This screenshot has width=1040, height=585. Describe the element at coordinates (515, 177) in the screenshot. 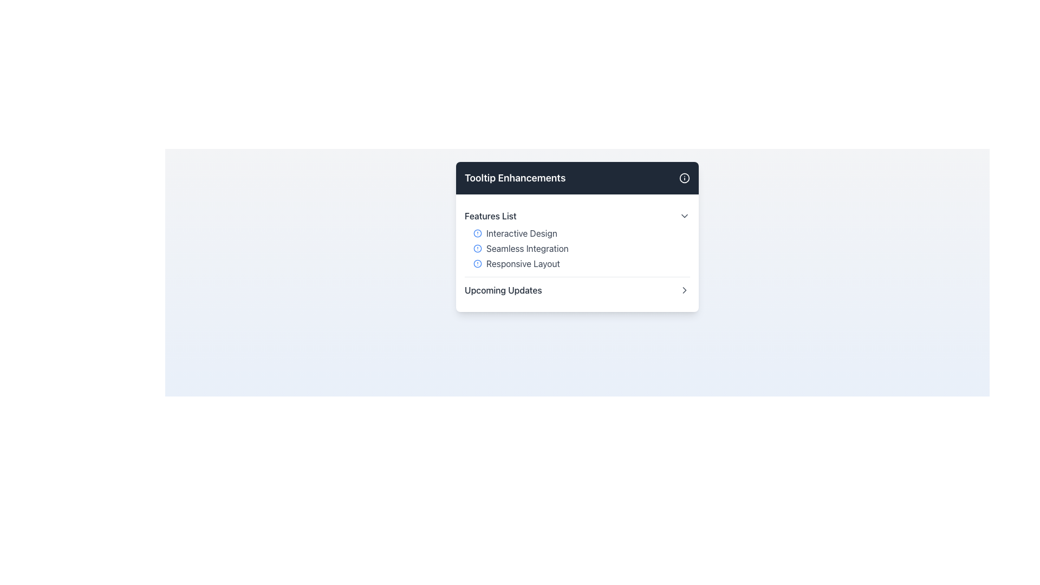

I see `the Text Label that serves as a title or header for the card or section, located at the top-left area of a dark gray horizontal bar` at that location.